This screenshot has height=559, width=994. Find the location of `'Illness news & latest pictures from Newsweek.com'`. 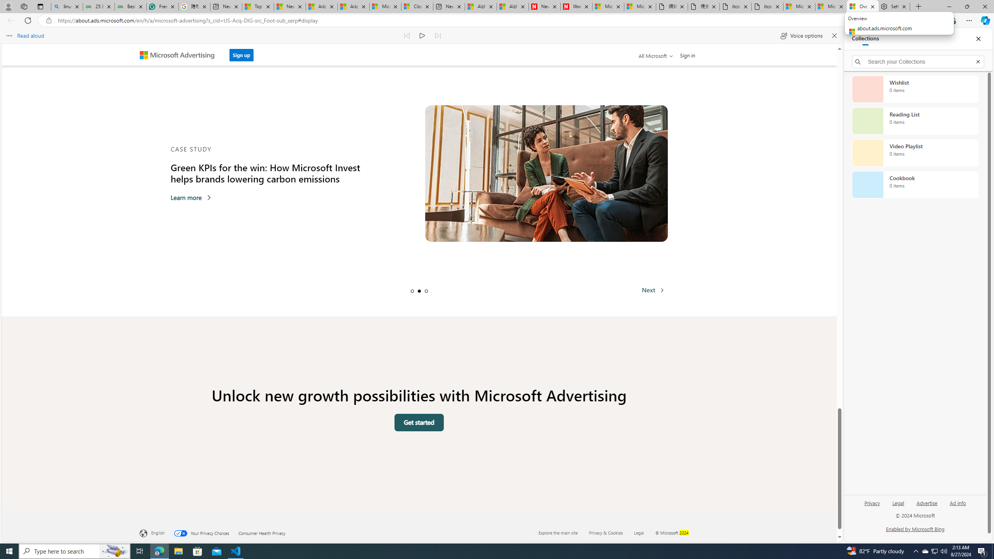

'Illness news & latest pictures from Newsweek.com' is located at coordinates (576, 6).